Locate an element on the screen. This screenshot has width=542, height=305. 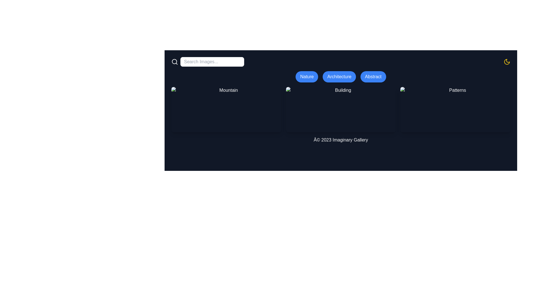
the moon-shaped icon located at the top-right corner of the interface is located at coordinates (507, 62).